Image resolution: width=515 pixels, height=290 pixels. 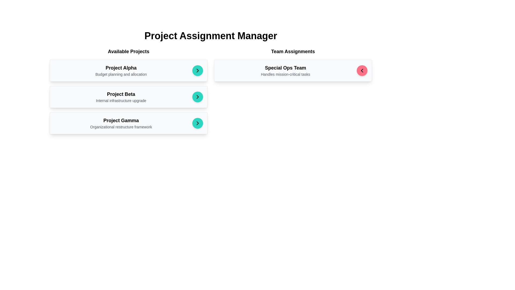 I want to click on the information displayed in the text block containing the title 'Project Beta' and subtitle 'Internal infrastructure upgrade', located in the second card of the 'Available Projects' section, so click(x=121, y=97).